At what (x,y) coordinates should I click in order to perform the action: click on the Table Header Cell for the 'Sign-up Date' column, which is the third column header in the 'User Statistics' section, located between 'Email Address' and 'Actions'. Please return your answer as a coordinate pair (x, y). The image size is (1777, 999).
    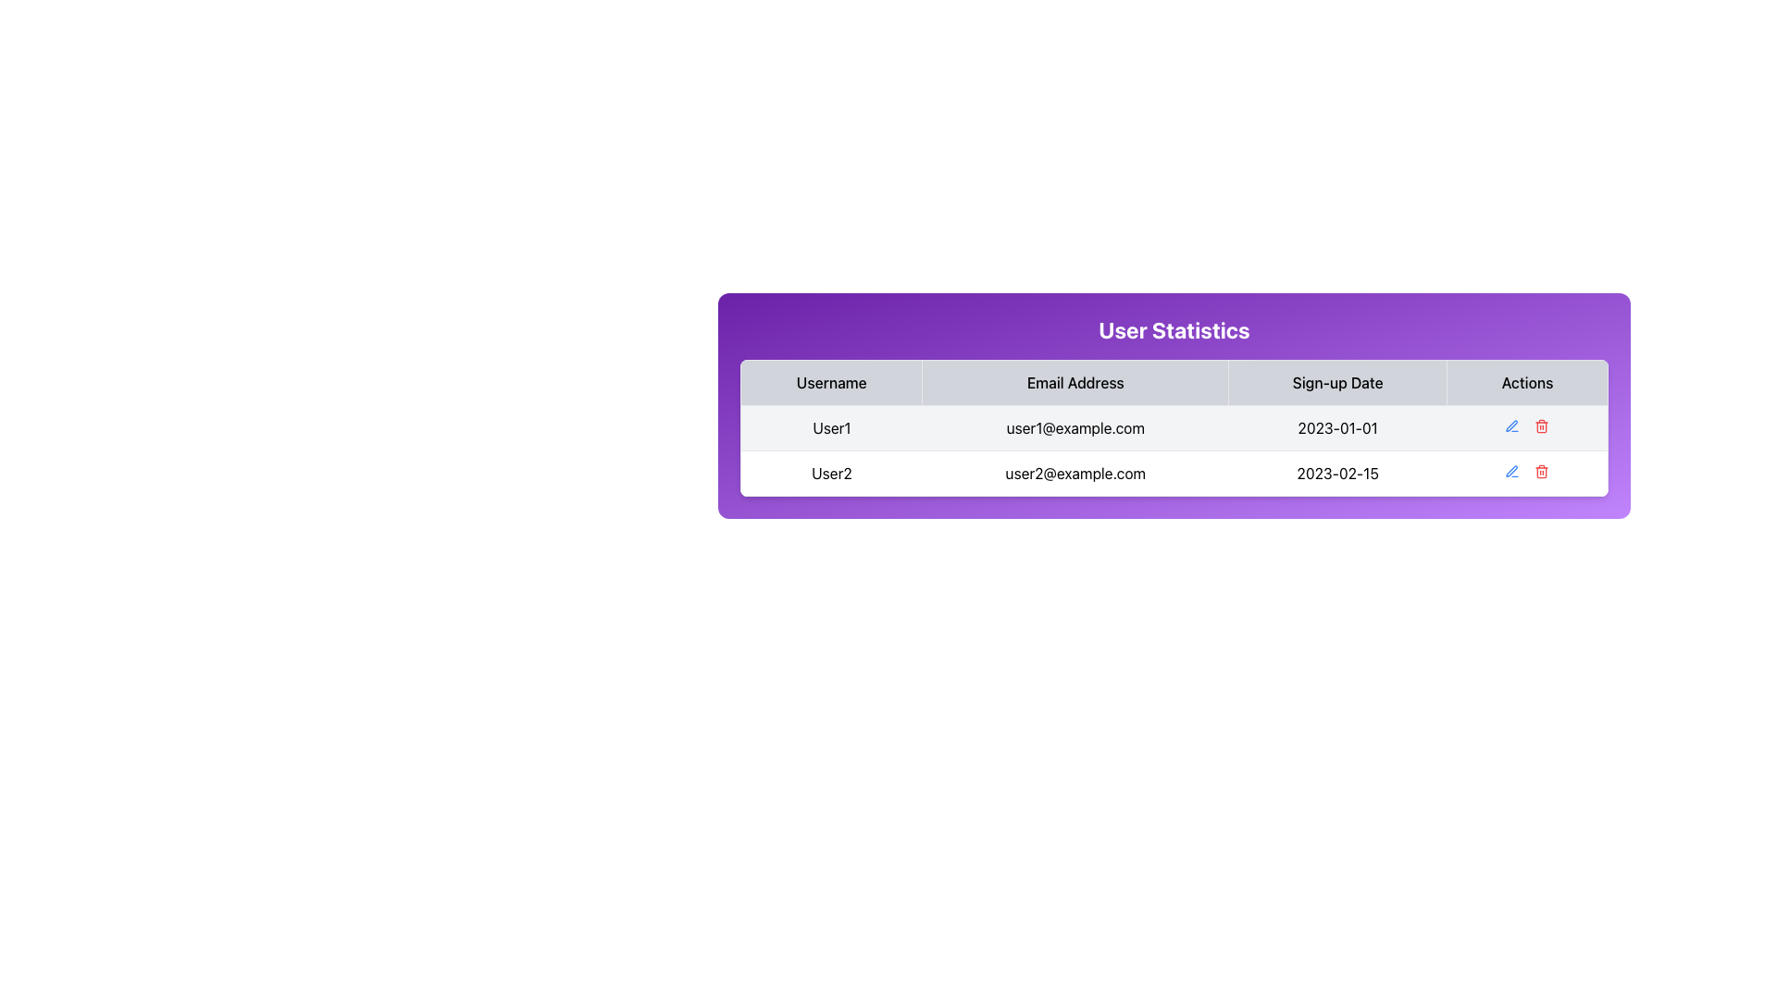
    Looking at the image, I should click on (1337, 381).